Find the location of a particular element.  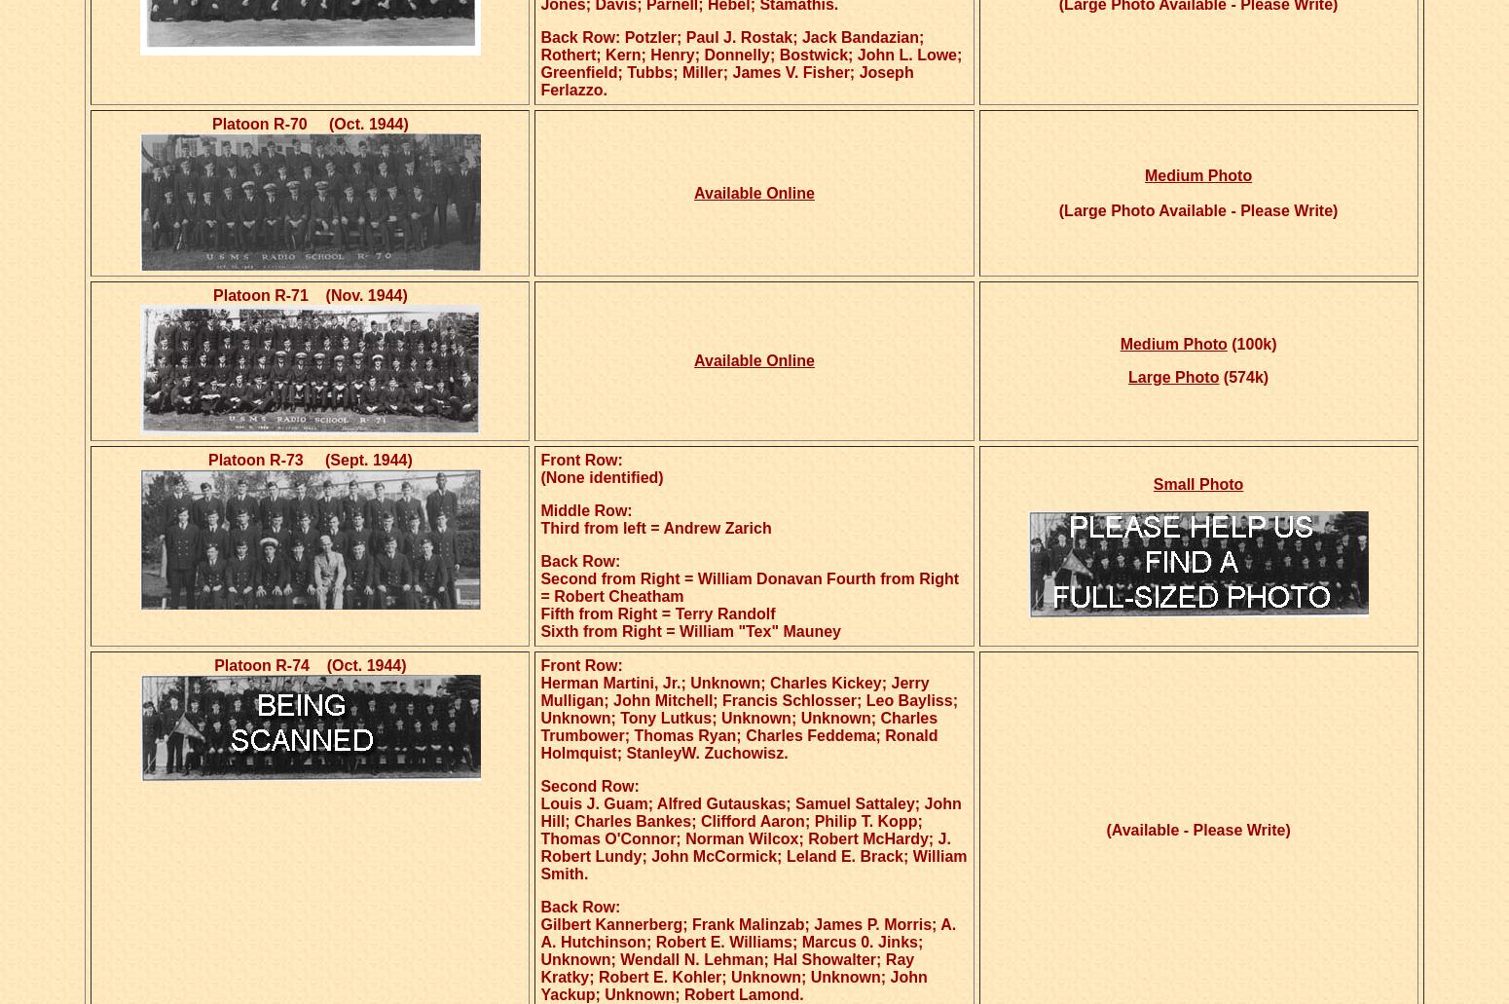

'Gilbert Kannerberg; Frank Malinzab; James P. Morris; A. A. Hutchinson; Robert E. Williams; Marcus 0. Jinks; Unknown; Wendall N. Lehman; Hal Showalter; Ray Kratky; Robert E. Kohler; Unknown; Unknown; John Yackup; Unknown; Robert Lamond.' is located at coordinates (748, 958).